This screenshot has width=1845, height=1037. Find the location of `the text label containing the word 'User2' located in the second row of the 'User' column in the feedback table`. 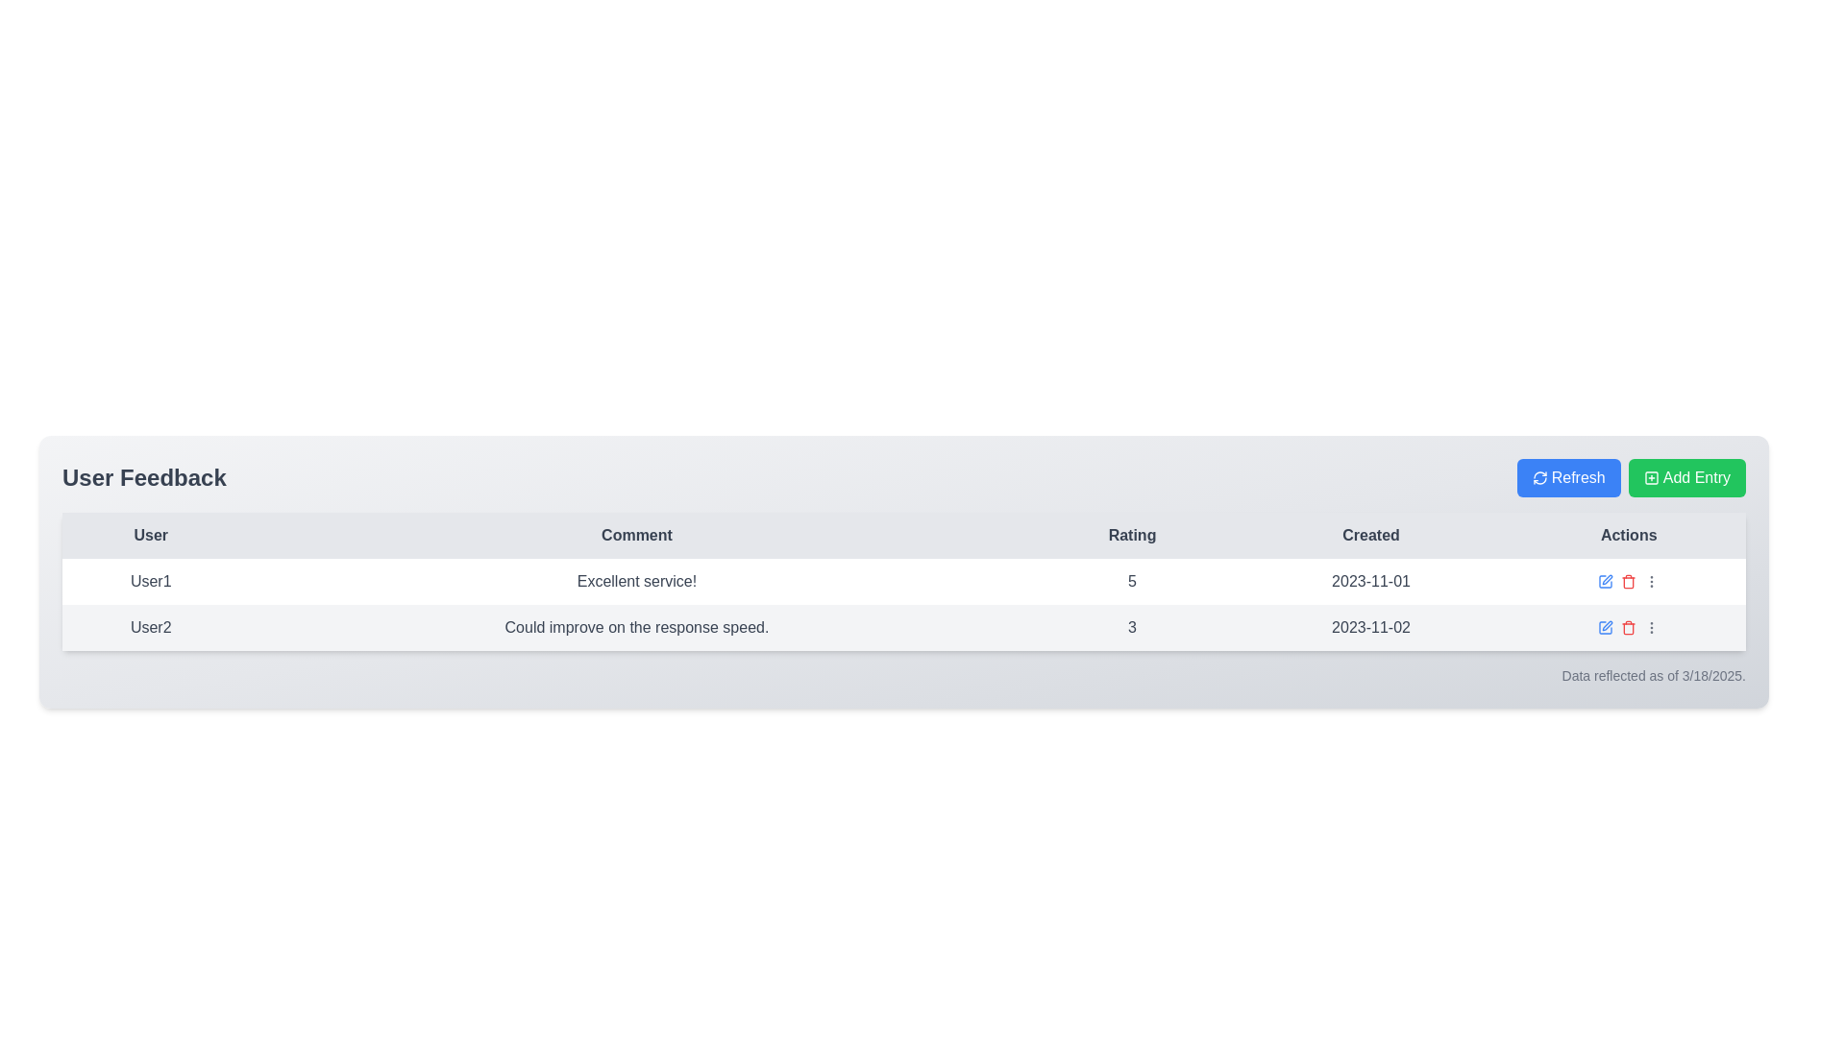

the text label containing the word 'User2' located in the second row of the 'User' column in the feedback table is located at coordinates (150, 628).